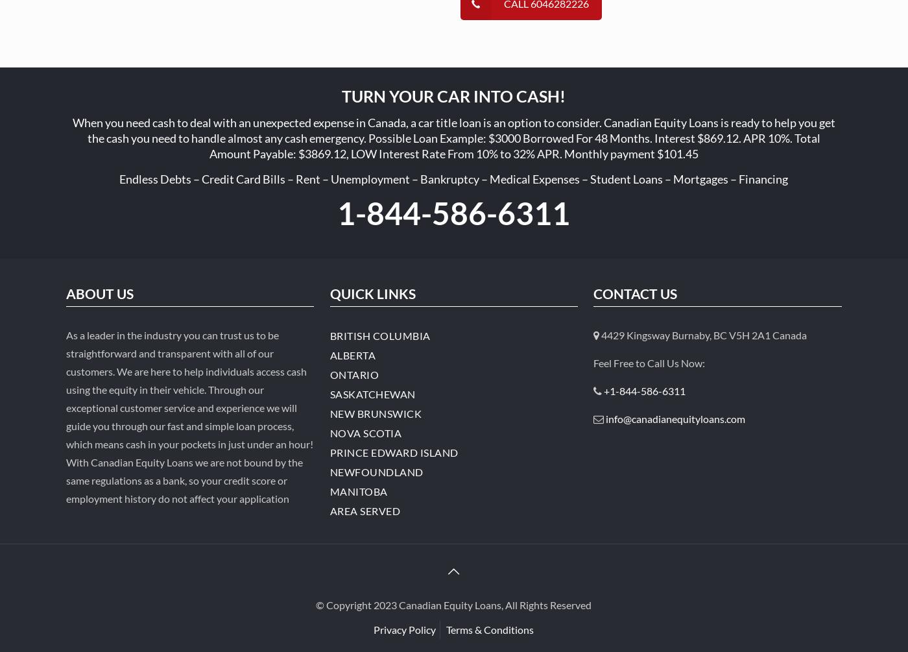 The image size is (908, 652). I want to click on 'Saskatchewan', so click(372, 393).